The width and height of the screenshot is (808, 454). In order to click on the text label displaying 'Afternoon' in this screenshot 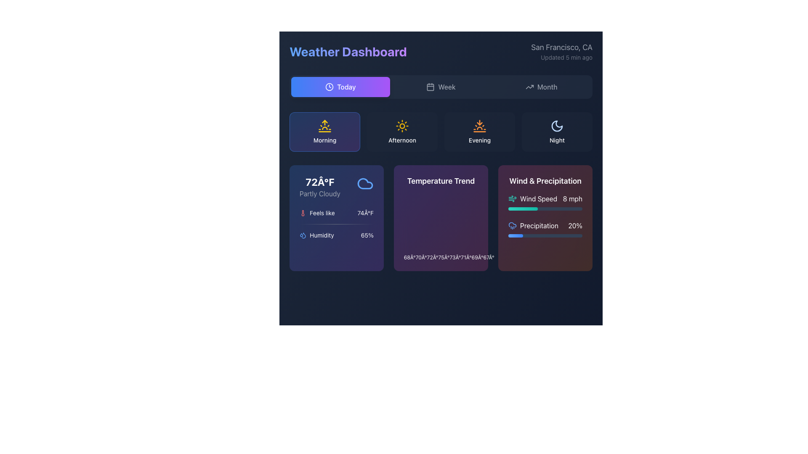, I will do `click(401, 140)`.